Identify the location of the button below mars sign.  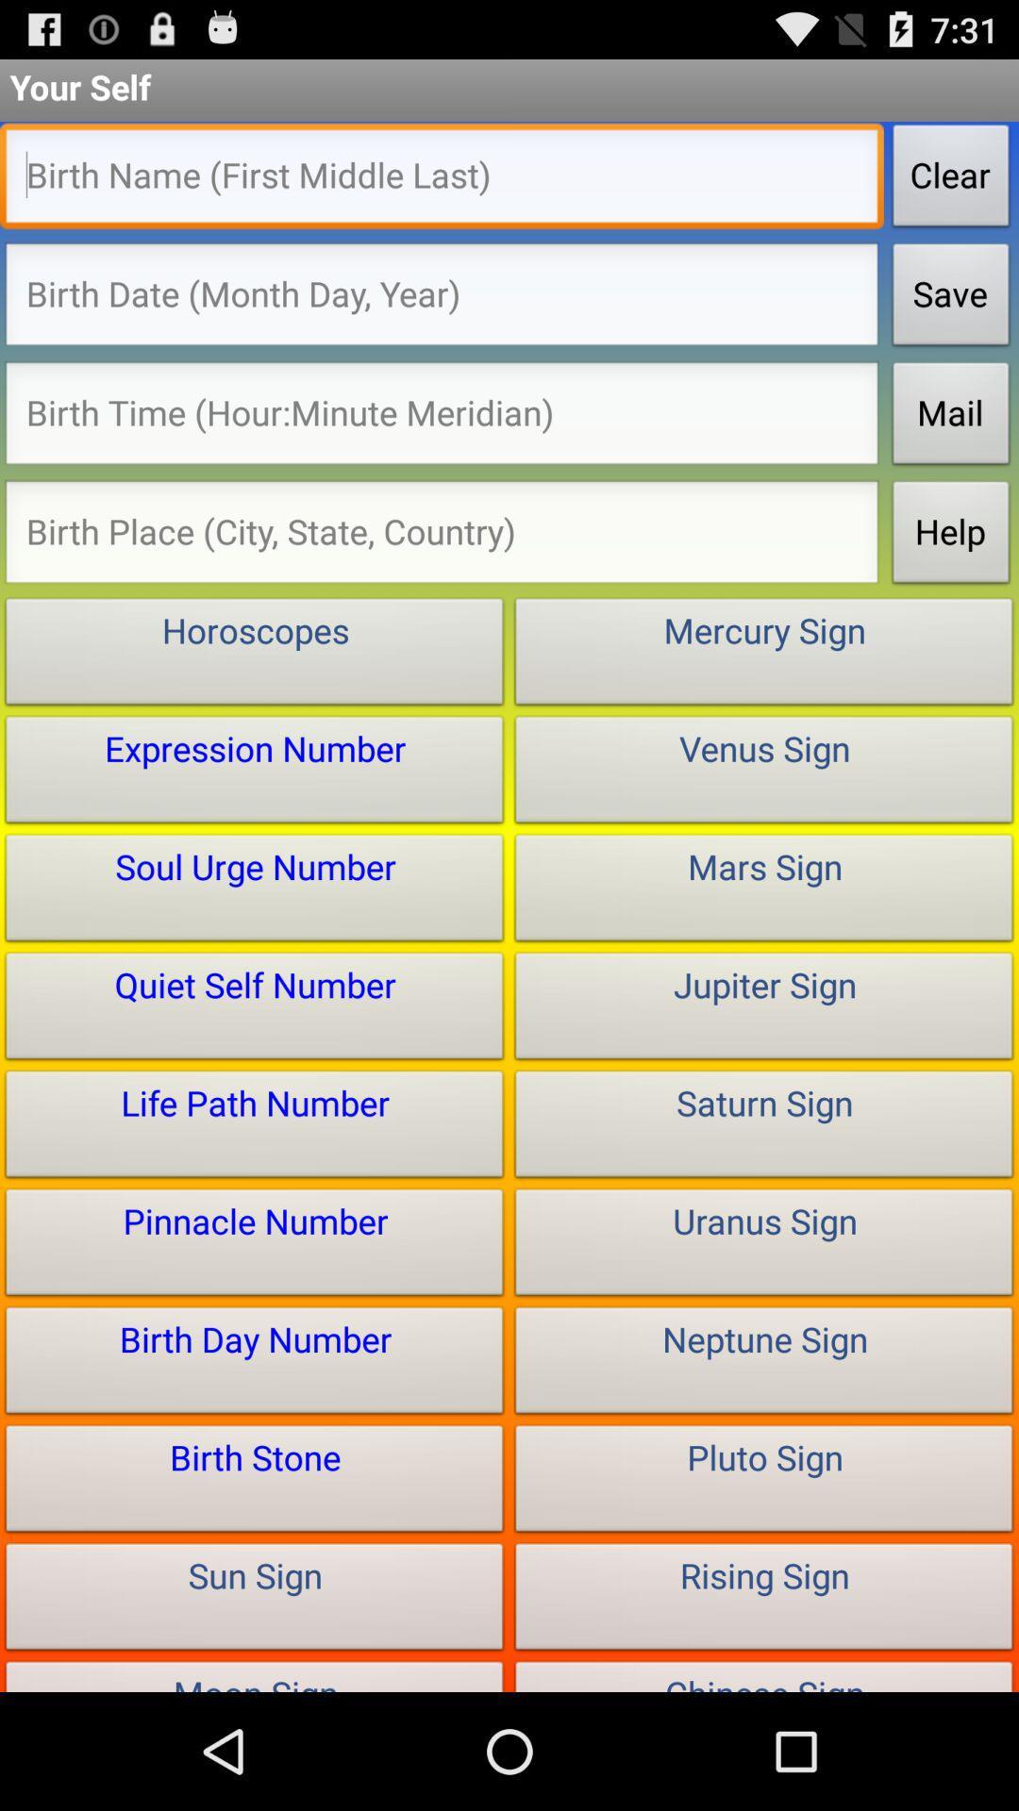
(764, 1009).